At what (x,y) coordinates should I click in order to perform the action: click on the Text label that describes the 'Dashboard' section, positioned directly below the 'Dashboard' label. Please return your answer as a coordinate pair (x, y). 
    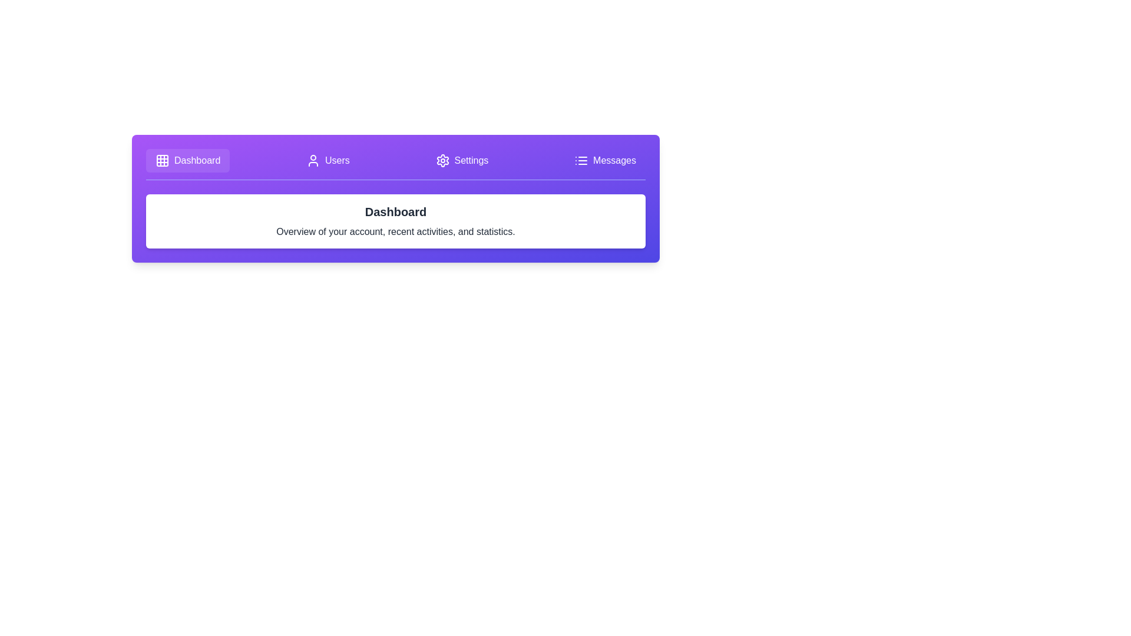
    Looking at the image, I should click on (396, 231).